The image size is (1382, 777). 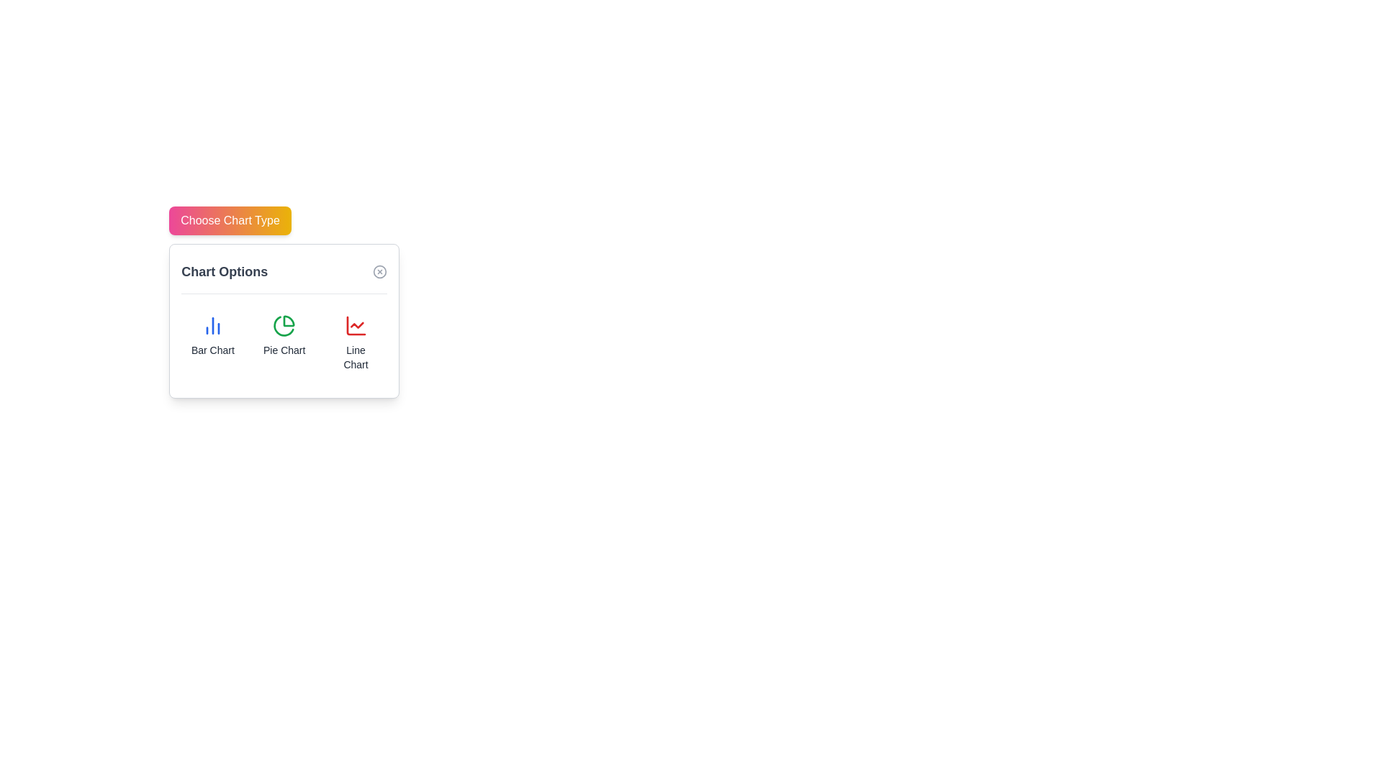 I want to click on the 'Bar Chart' button located in the top-left corner of the 'Chart Options' section, so click(x=212, y=343).